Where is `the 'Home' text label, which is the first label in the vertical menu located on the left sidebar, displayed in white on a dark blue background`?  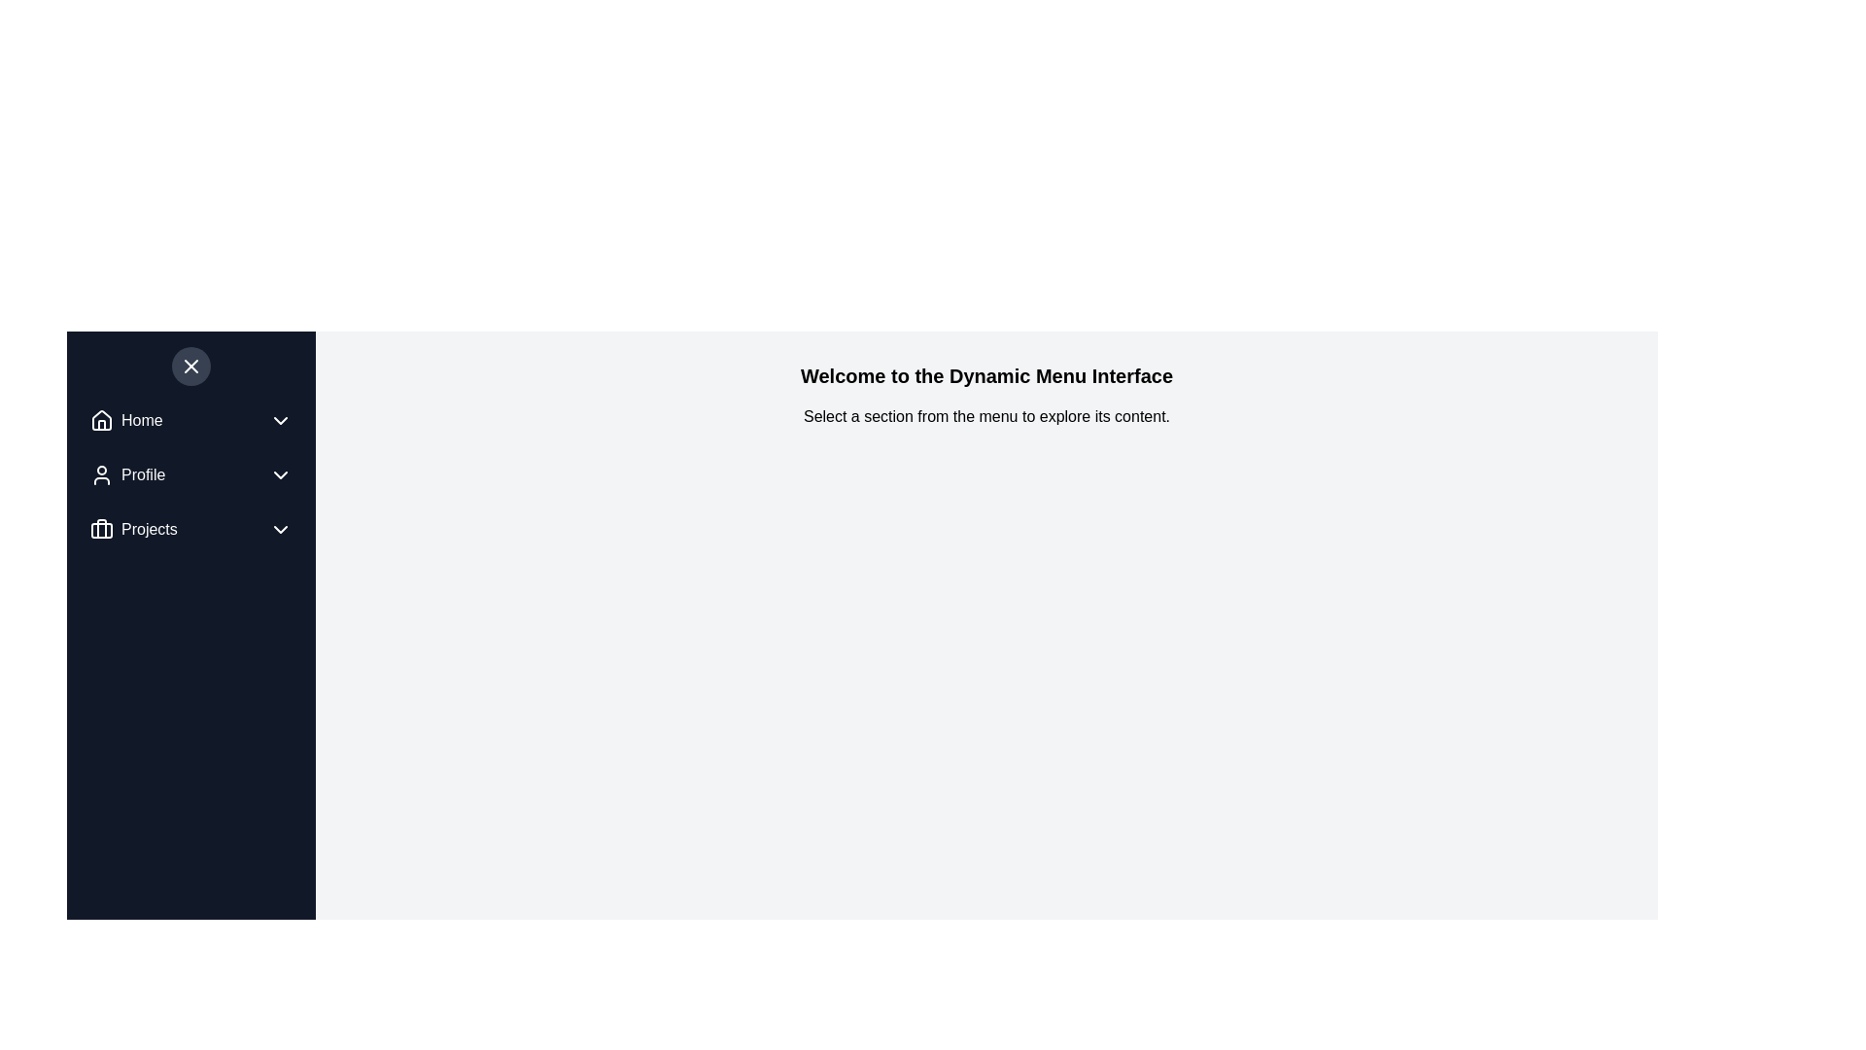 the 'Home' text label, which is the first label in the vertical menu located on the left sidebar, displayed in white on a dark blue background is located at coordinates (141, 419).